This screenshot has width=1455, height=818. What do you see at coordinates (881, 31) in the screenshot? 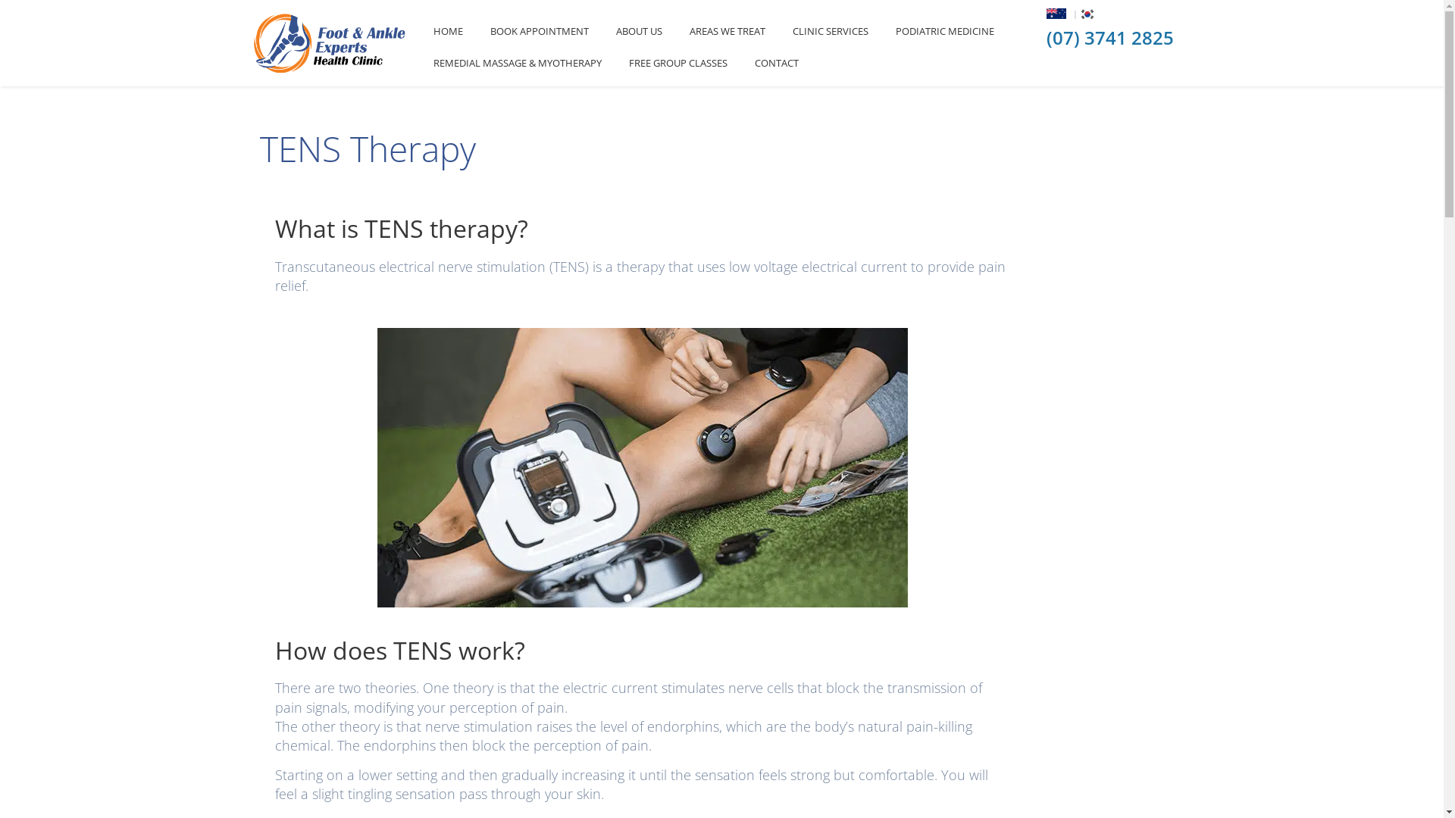
I see `'PODIATRIC MEDICINE'` at bounding box center [881, 31].